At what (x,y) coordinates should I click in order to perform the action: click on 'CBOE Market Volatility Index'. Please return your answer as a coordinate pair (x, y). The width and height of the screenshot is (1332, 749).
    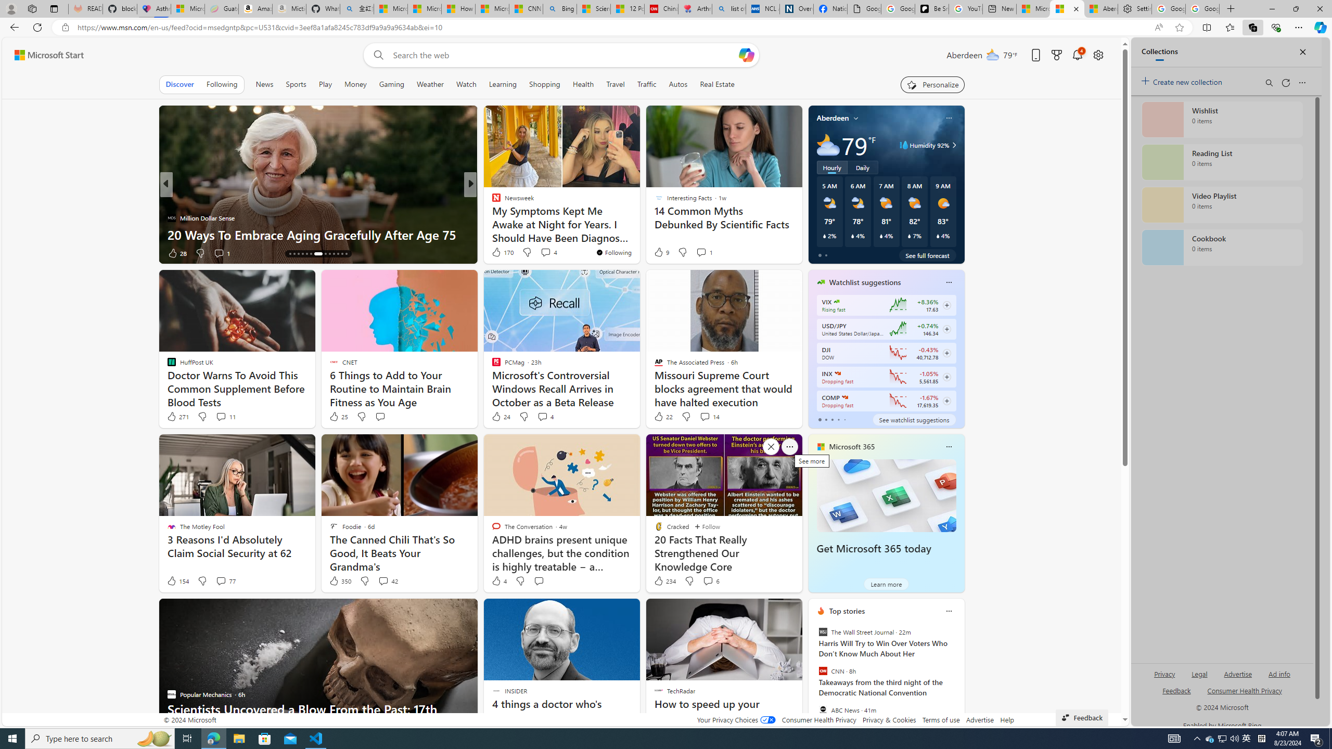
    Looking at the image, I should click on (836, 301).